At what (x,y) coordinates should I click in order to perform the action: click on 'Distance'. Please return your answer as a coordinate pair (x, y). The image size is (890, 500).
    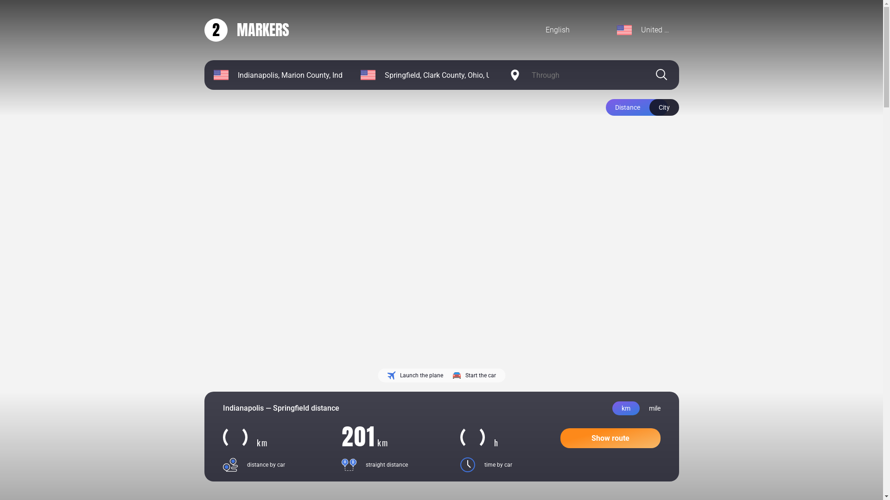
    Looking at the image, I should click on (636, 106).